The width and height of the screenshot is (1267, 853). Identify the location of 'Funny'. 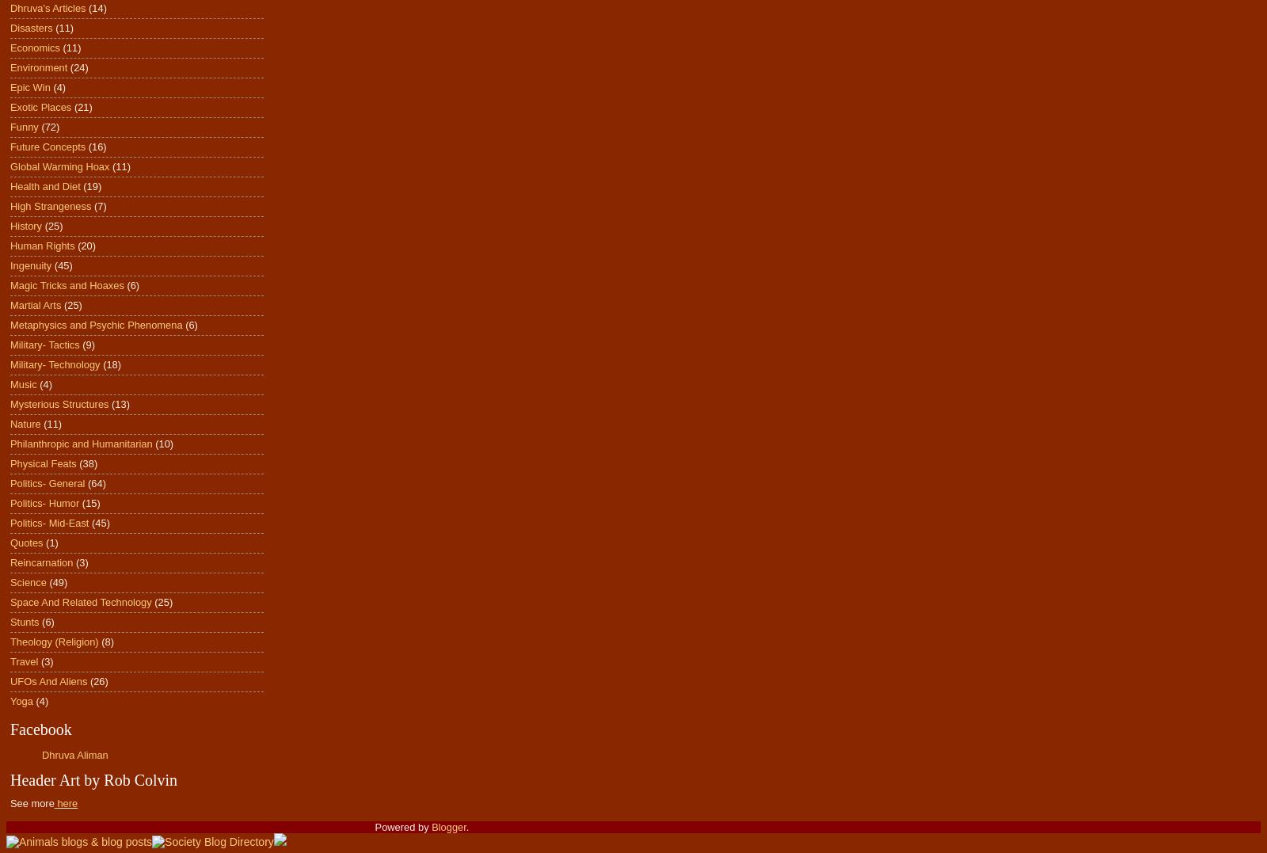
(23, 127).